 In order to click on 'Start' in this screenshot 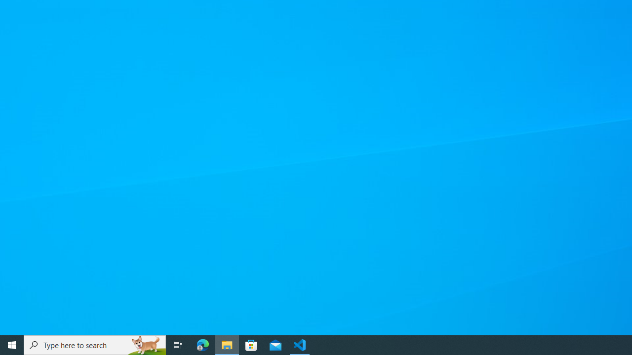, I will do `click(12, 344)`.